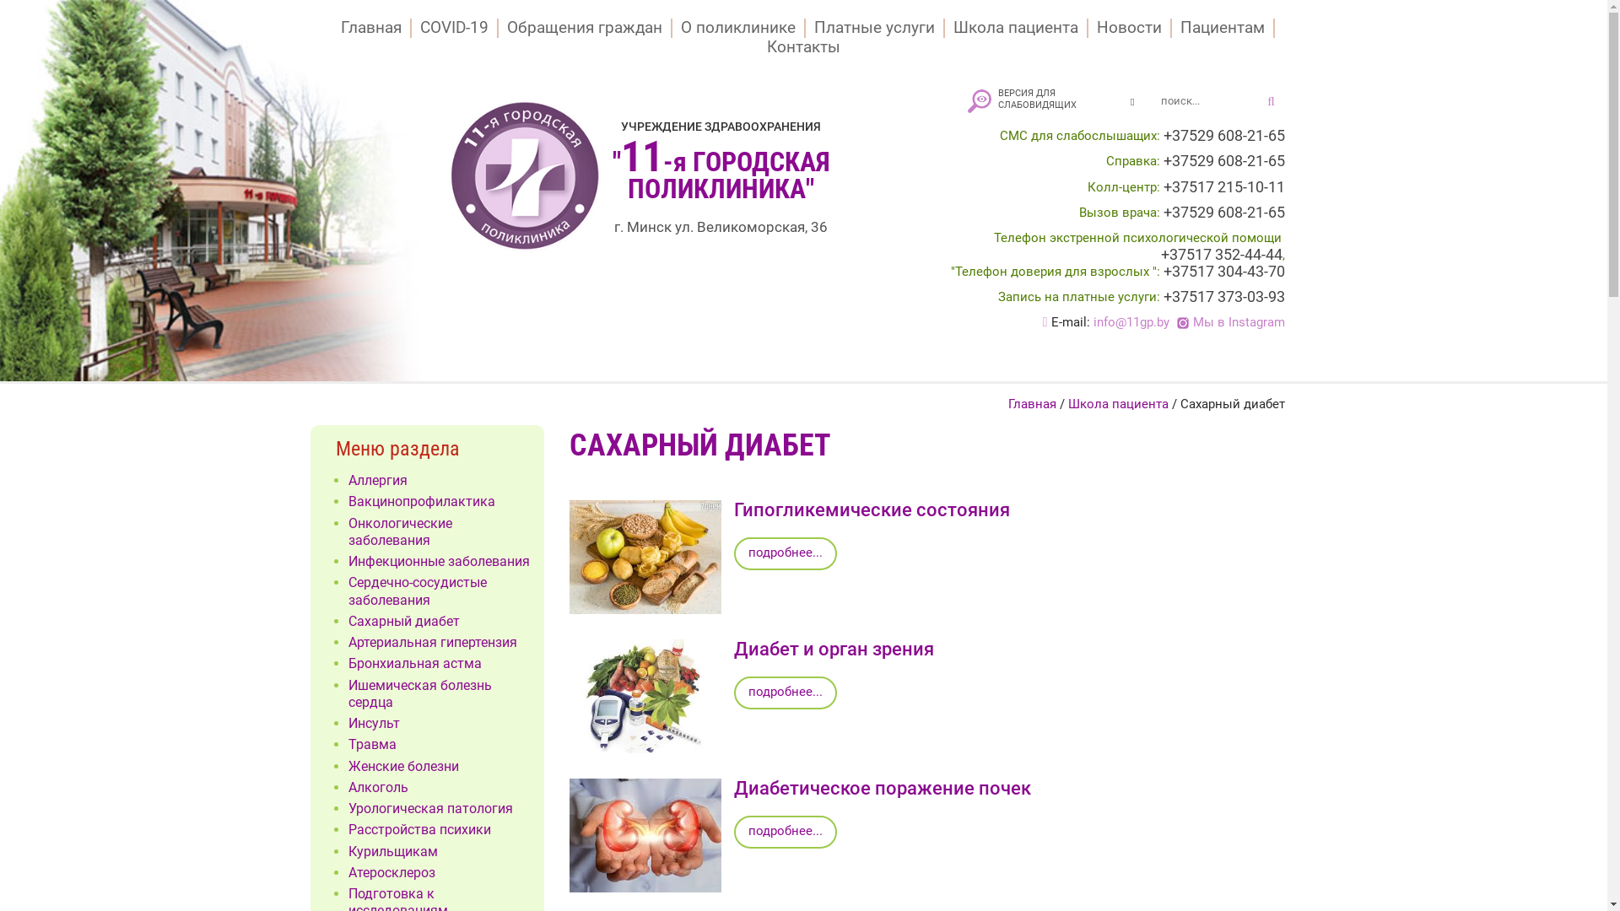  I want to click on '+37517 373-03-93', so click(1223, 295).